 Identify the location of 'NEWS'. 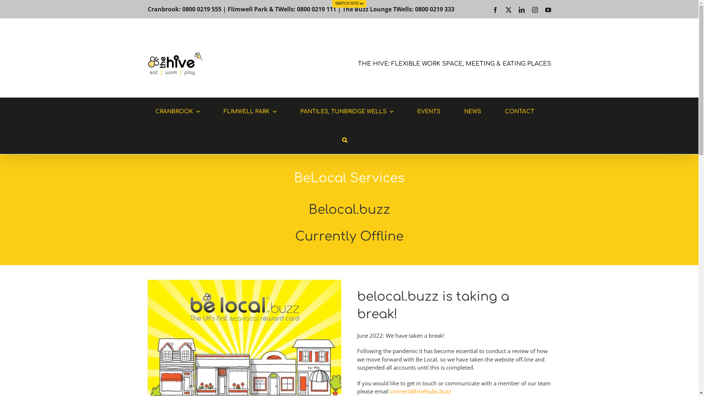
(473, 111).